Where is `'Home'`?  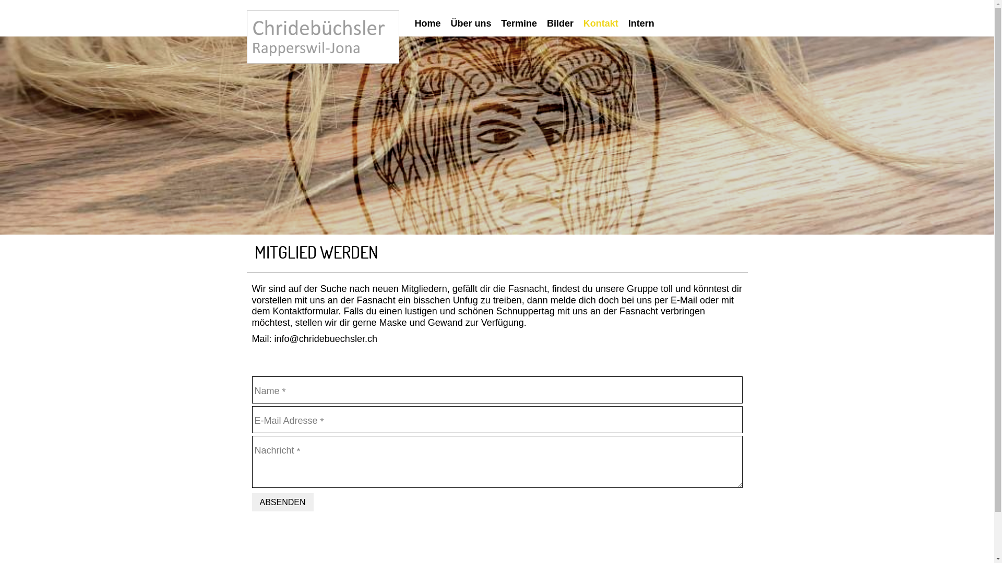 'Home' is located at coordinates (431, 23).